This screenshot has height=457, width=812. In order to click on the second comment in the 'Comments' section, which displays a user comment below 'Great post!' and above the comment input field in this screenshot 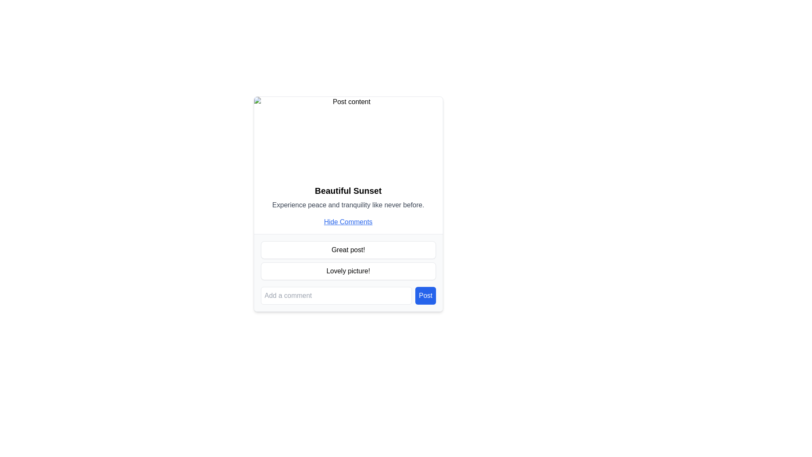, I will do `click(348, 273)`.